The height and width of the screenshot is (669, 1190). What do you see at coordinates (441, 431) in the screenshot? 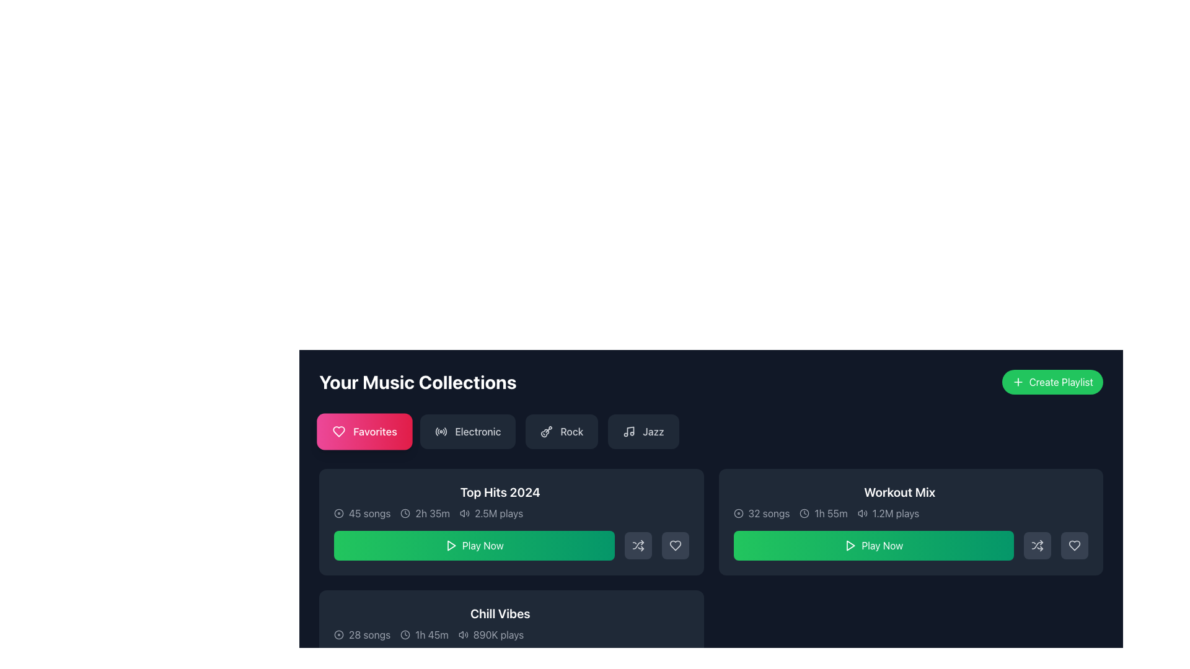
I see `the 'Electronic' category icon located to the left of the 'Electronic' button text in the music collection section` at bounding box center [441, 431].